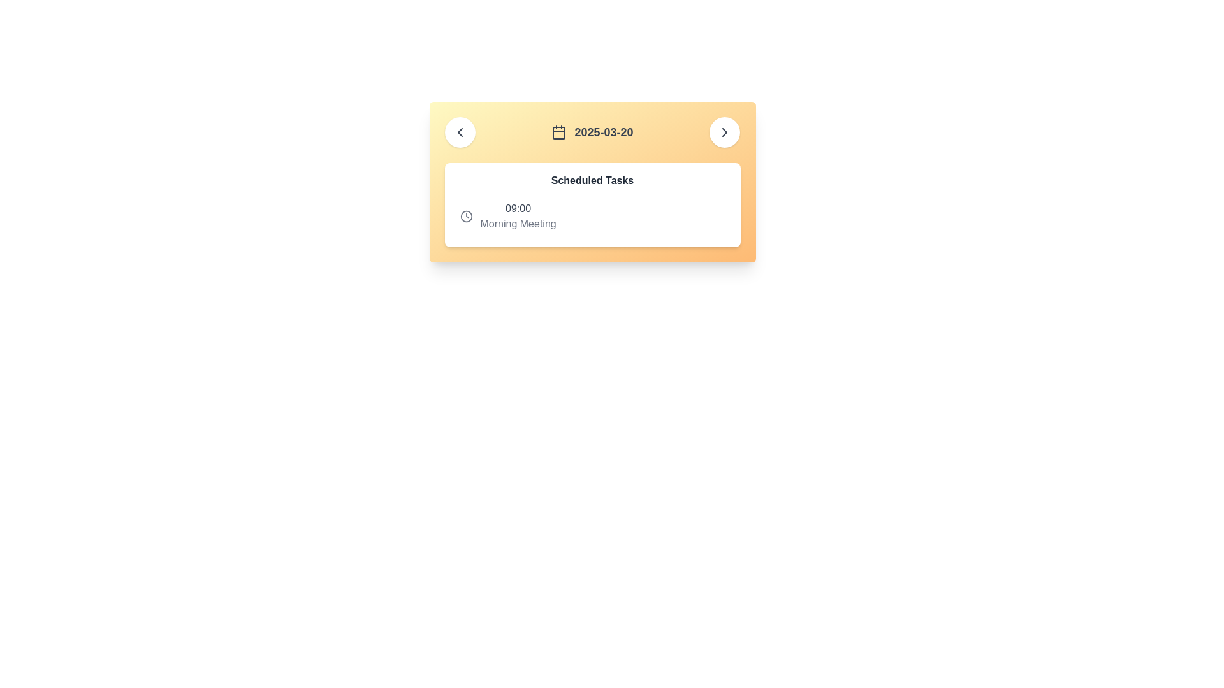 The height and width of the screenshot is (688, 1224). I want to click on text content of the label displaying 'Morning Meeting' which is located below the time '09:00' in the schedule card interface, so click(518, 223).